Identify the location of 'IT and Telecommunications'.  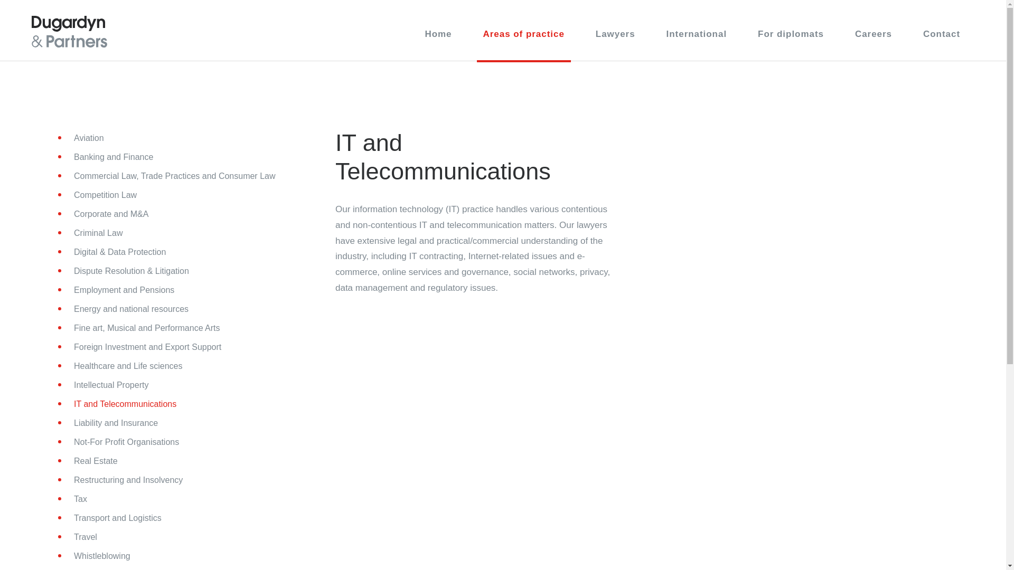
(118, 404).